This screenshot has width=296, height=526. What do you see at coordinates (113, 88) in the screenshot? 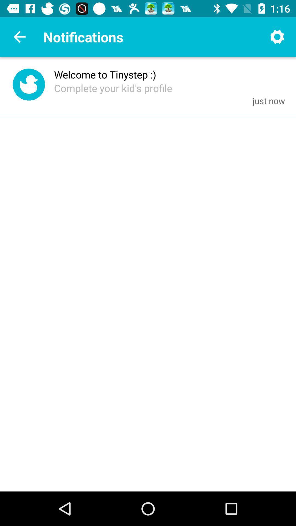
I see `the complete your kid icon` at bounding box center [113, 88].